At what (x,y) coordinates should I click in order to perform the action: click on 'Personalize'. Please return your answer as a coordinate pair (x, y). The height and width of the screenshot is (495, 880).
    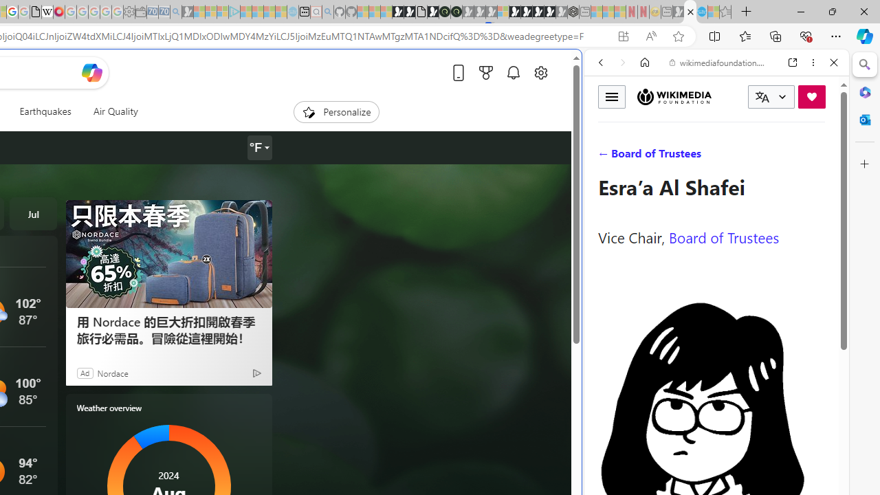
    Looking at the image, I should click on (335, 111).